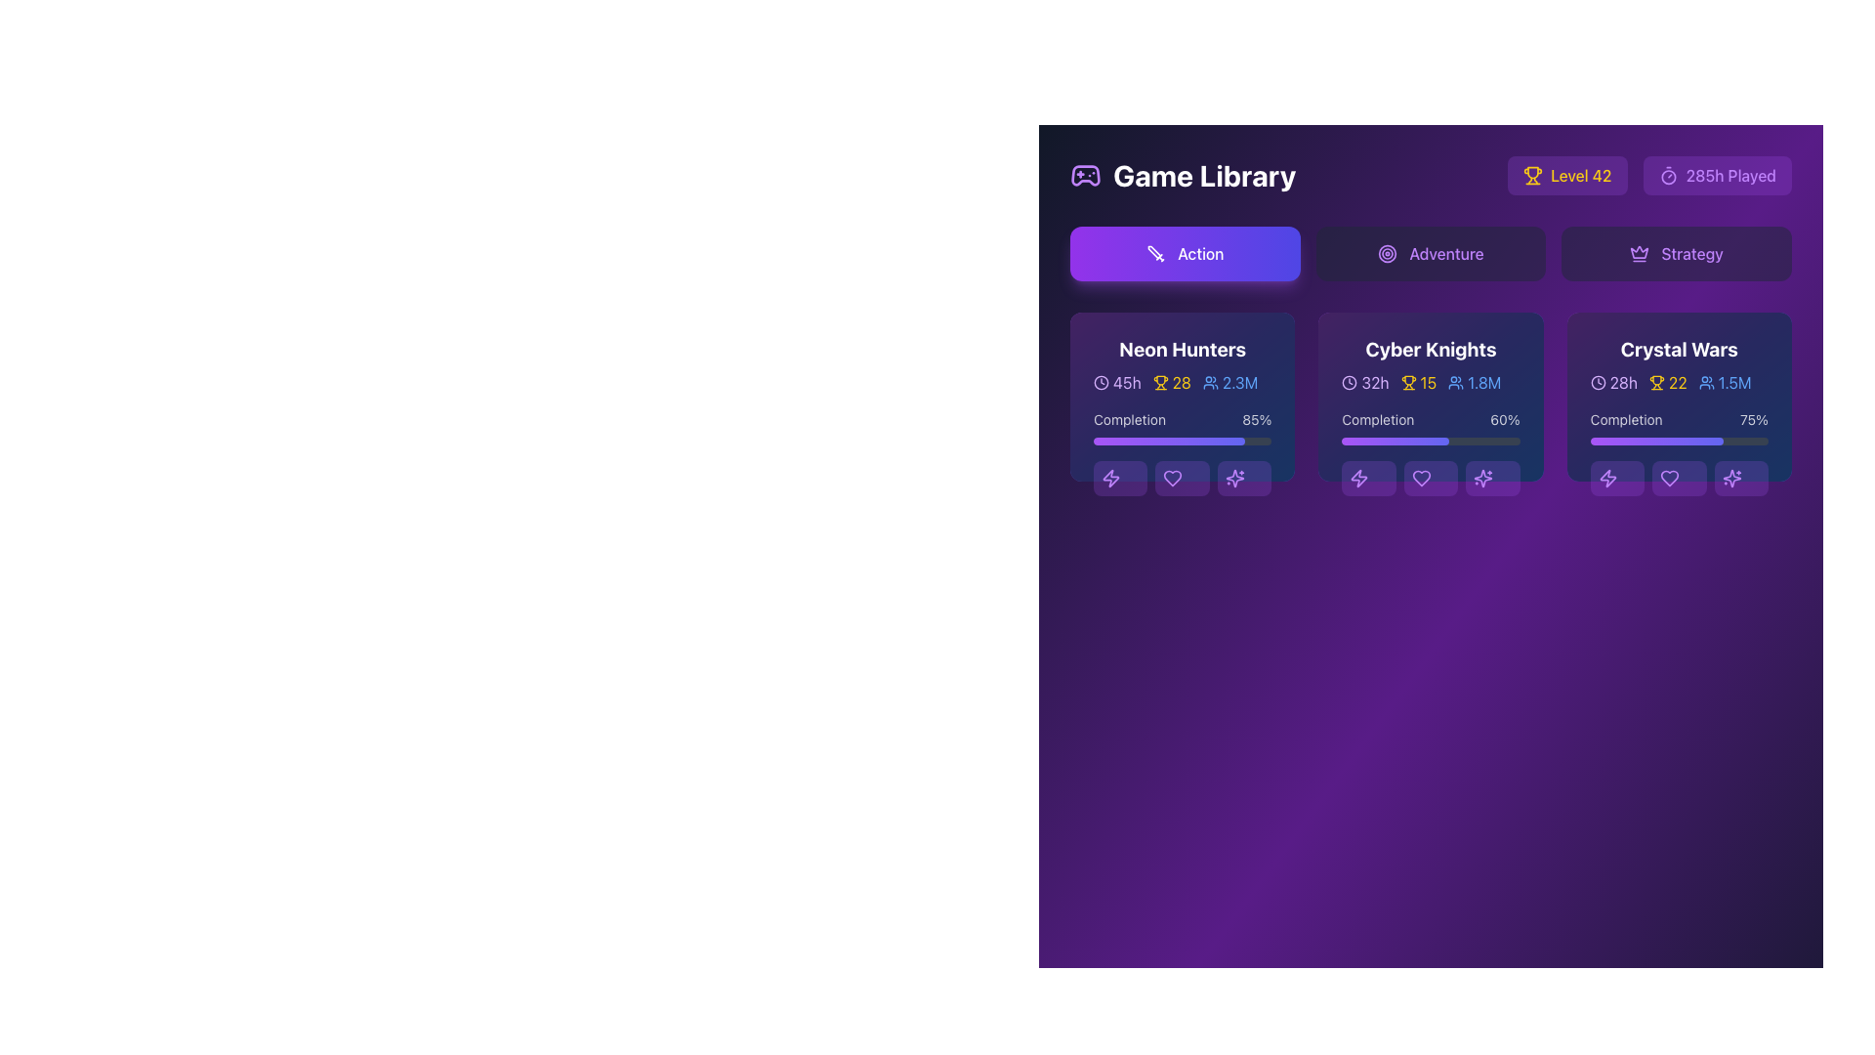  Describe the element at coordinates (1102, 383) in the screenshot. I see `the clock icon representing time-related information next to the text '45h' within the card for the game 'Neon Hunters'` at that location.